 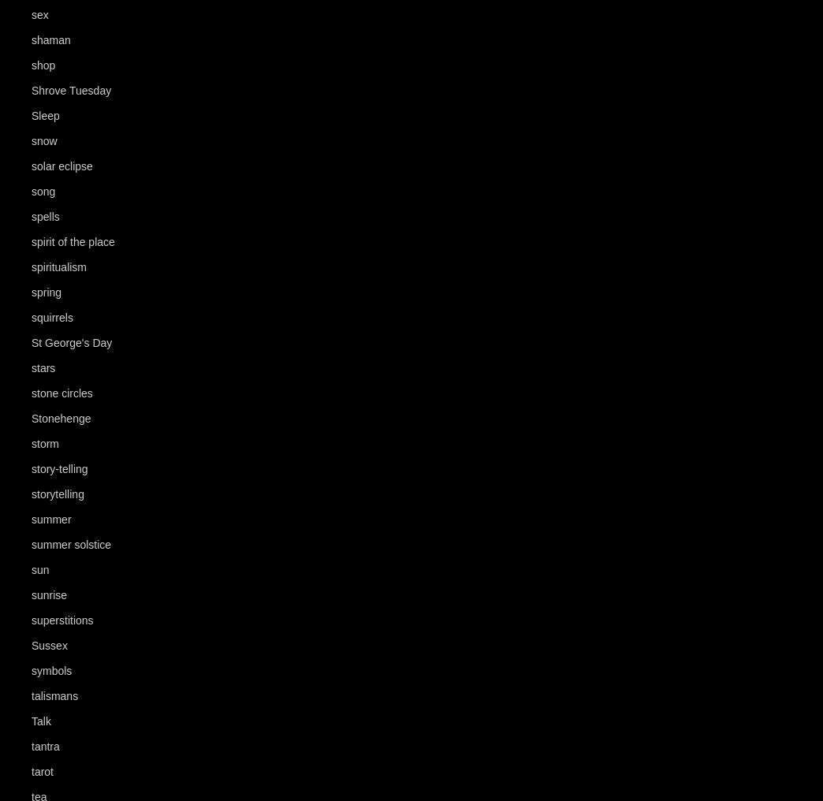 What do you see at coordinates (50, 39) in the screenshot?
I see `'shaman'` at bounding box center [50, 39].